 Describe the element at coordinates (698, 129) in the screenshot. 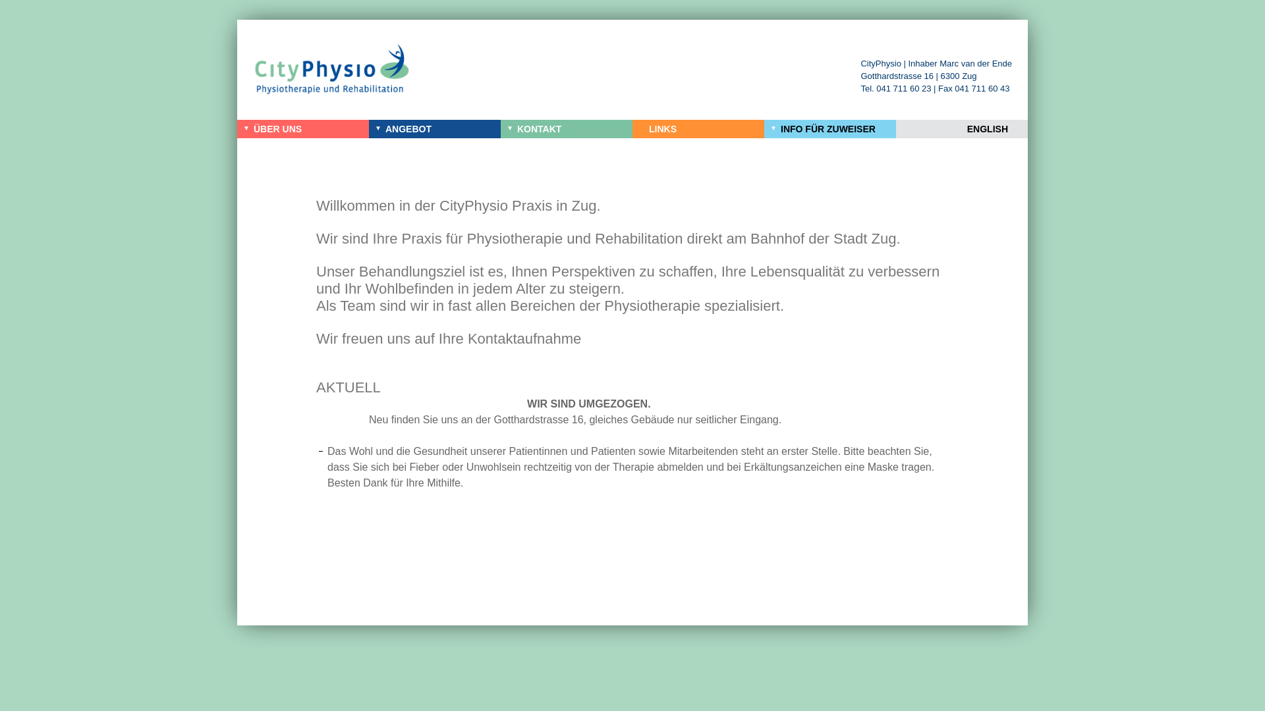

I see `'LINKS'` at that location.